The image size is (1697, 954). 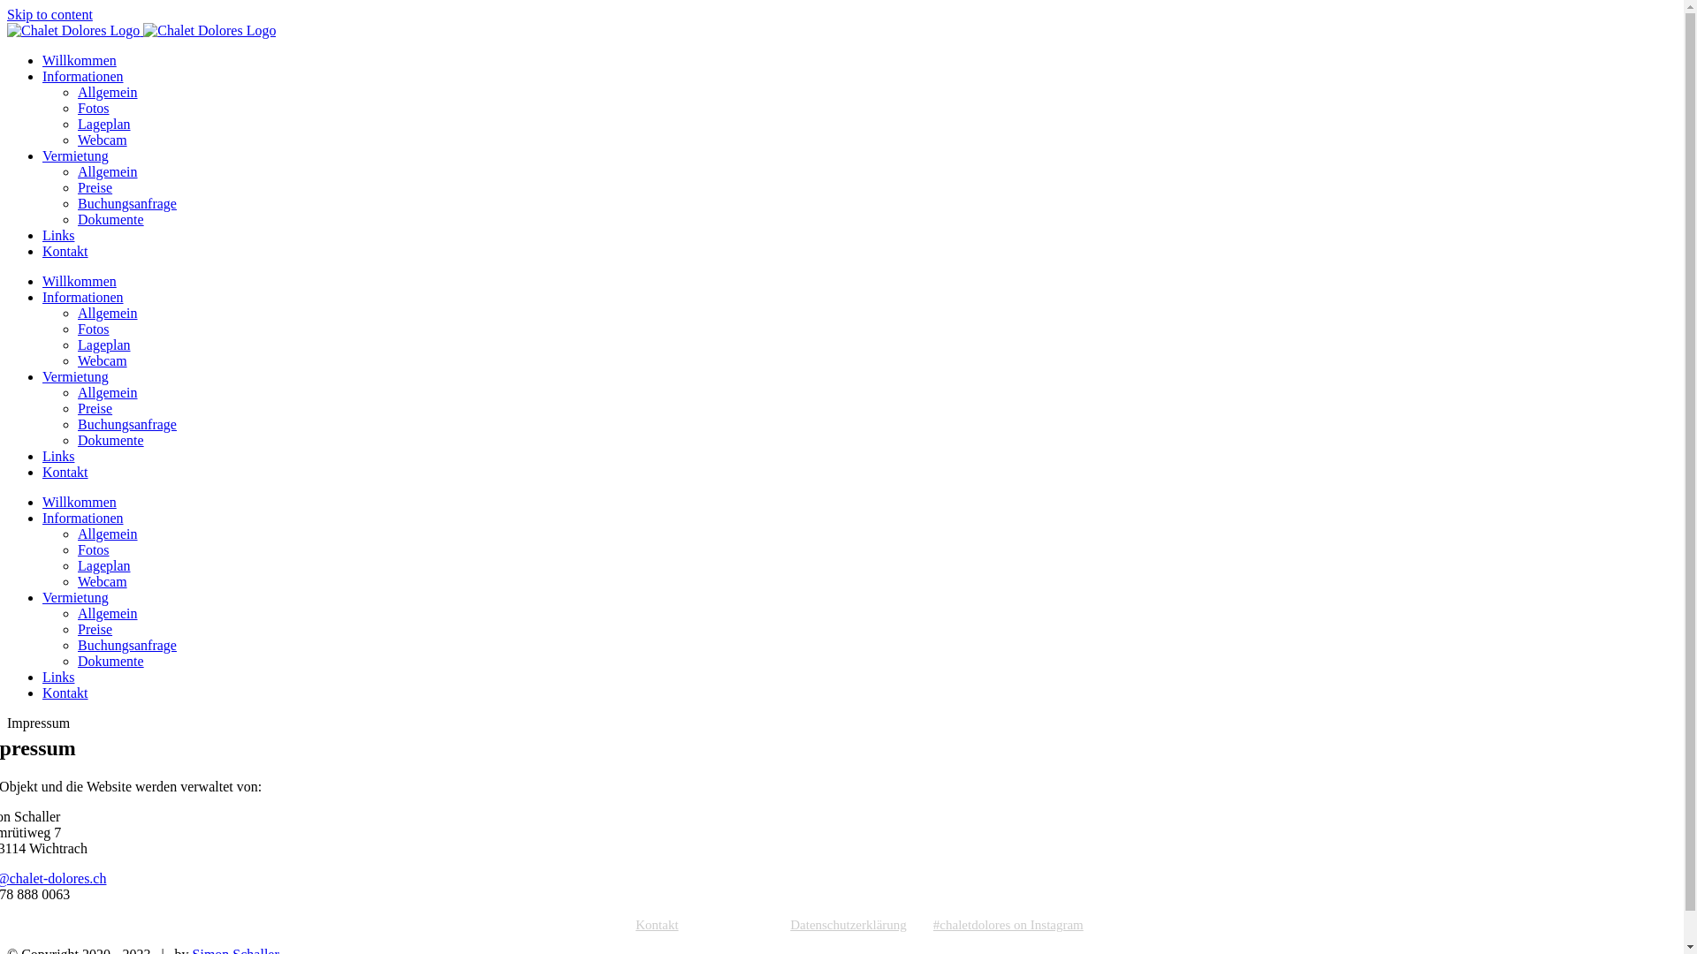 I want to click on 'Dokumente', so click(x=110, y=661).